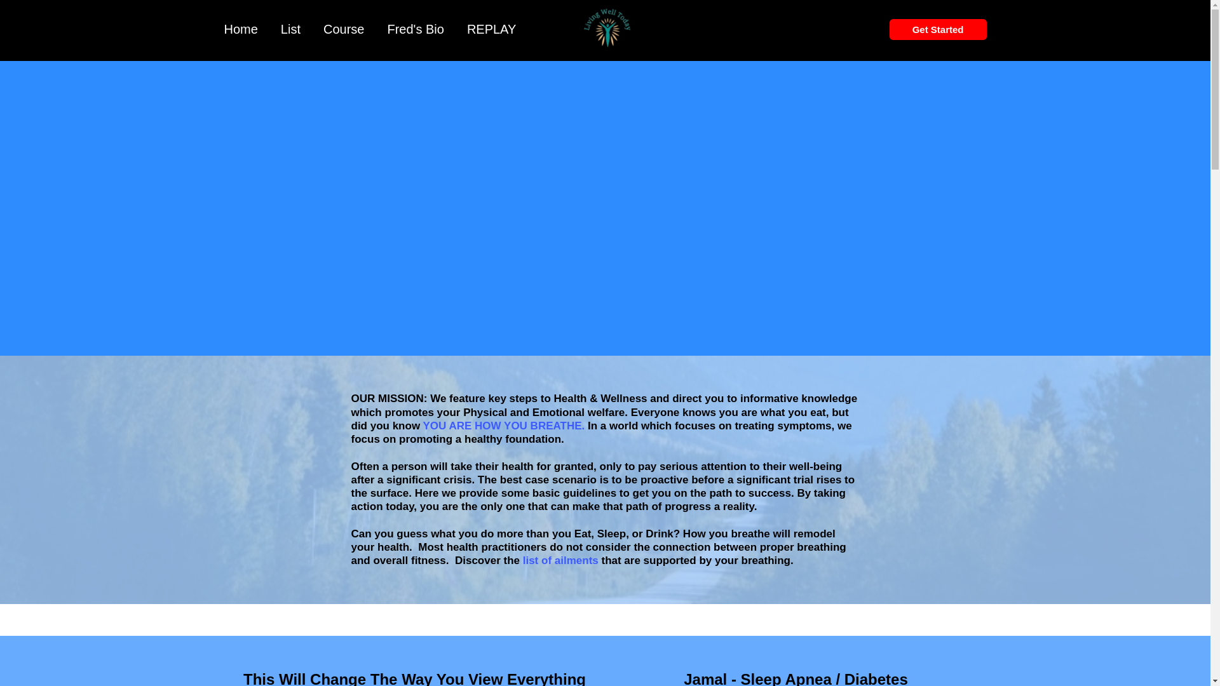 The width and height of the screenshot is (1220, 686). What do you see at coordinates (290, 29) in the screenshot?
I see `'List'` at bounding box center [290, 29].